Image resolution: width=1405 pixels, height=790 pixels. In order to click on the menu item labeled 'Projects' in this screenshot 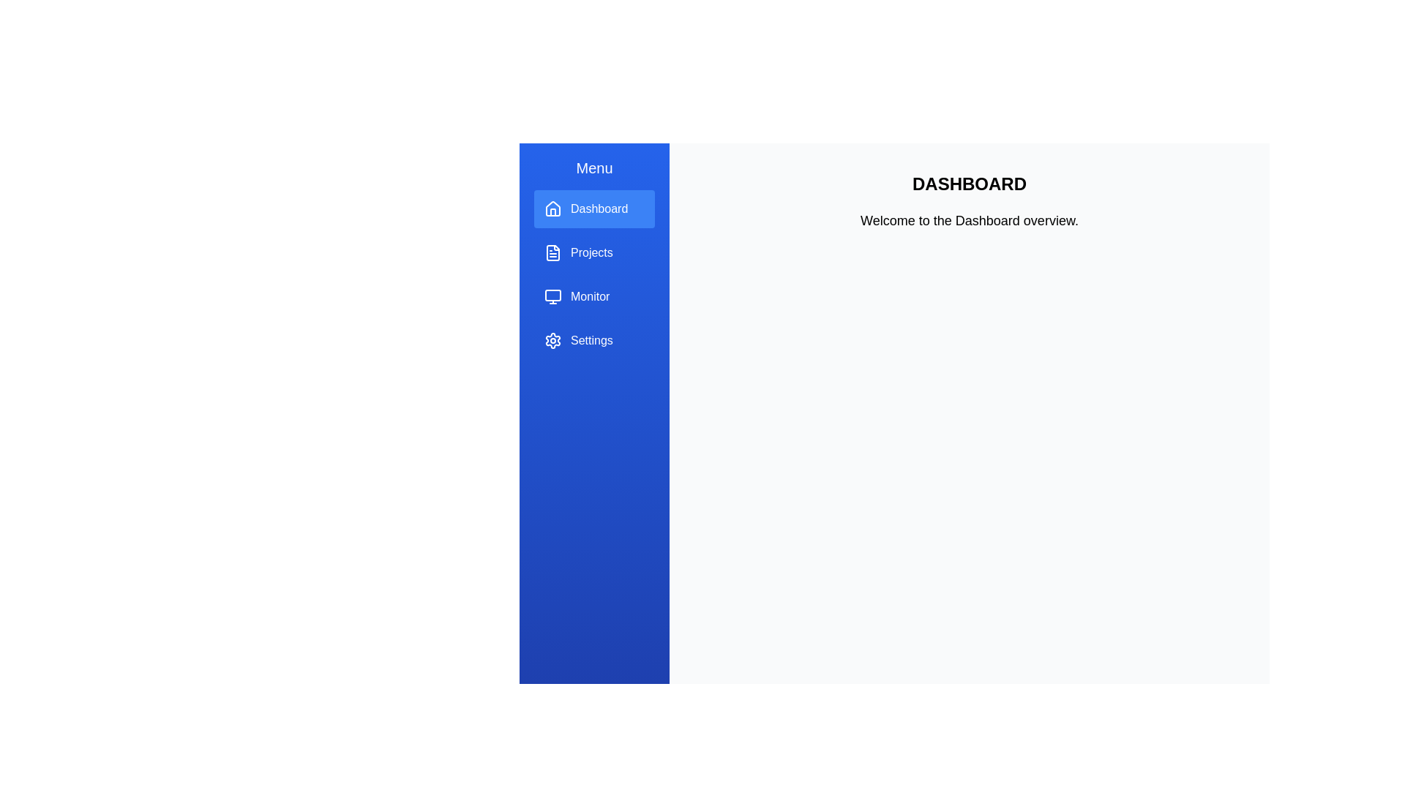, I will do `click(594, 252)`.